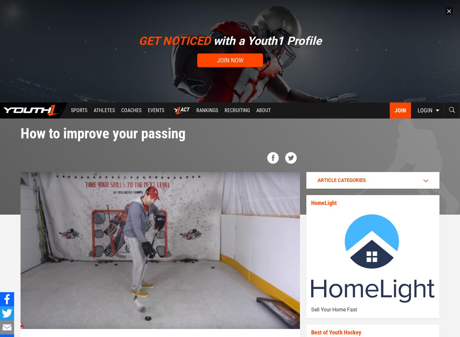 This screenshot has width=460, height=337. What do you see at coordinates (230, 60) in the screenshot?
I see `'Join now'` at bounding box center [230, 60].